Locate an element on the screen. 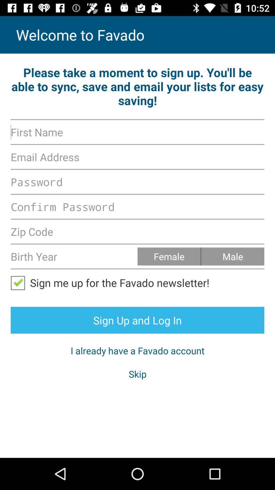 This screenshot has height=490, width=275. year of birth is located at coordinates (74, 256).